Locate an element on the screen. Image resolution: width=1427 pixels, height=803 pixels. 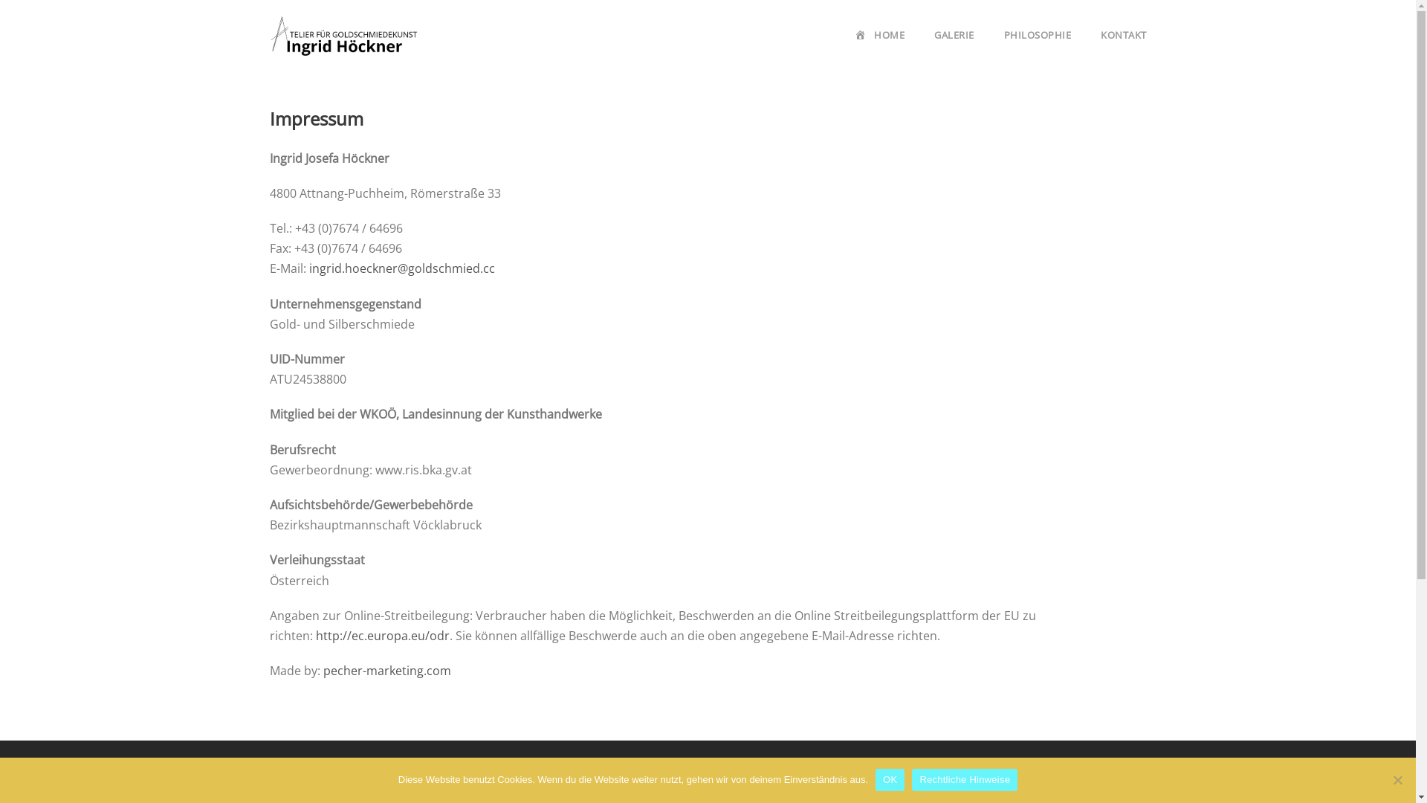
'http://ec.europa.eu/odr' is located at coordinates (381, 636).